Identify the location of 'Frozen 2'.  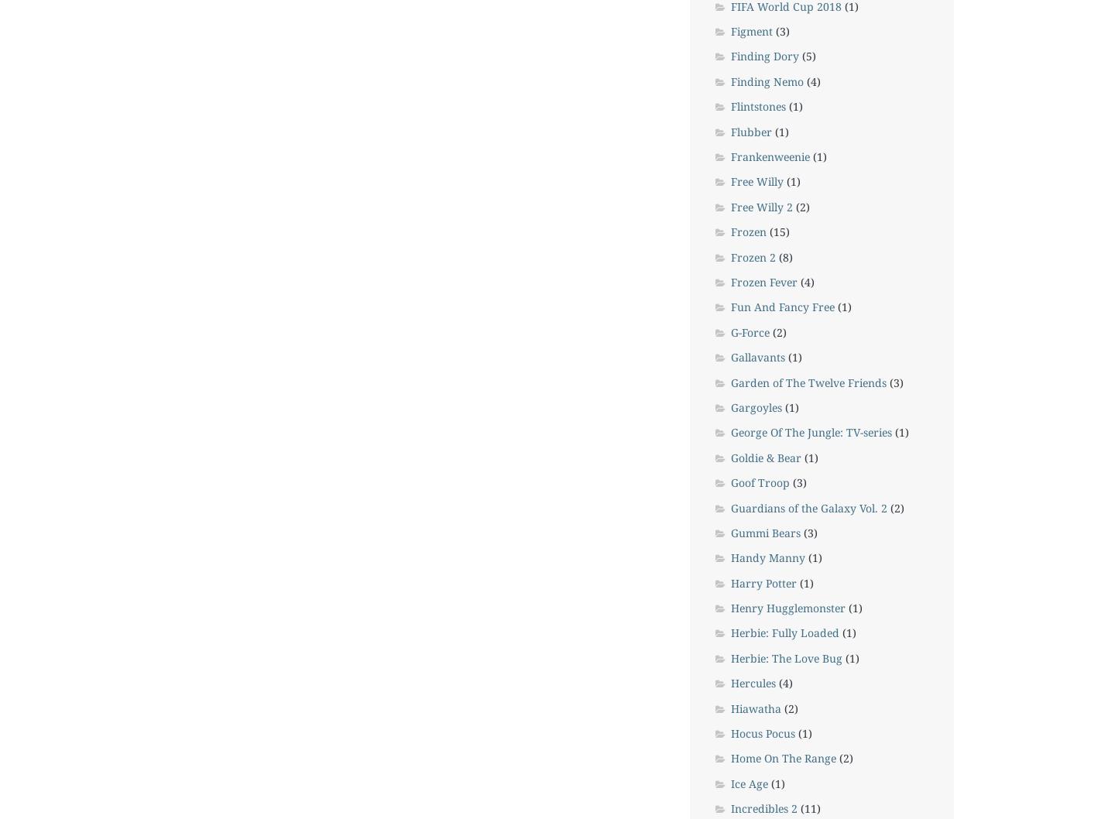
(730, 255).